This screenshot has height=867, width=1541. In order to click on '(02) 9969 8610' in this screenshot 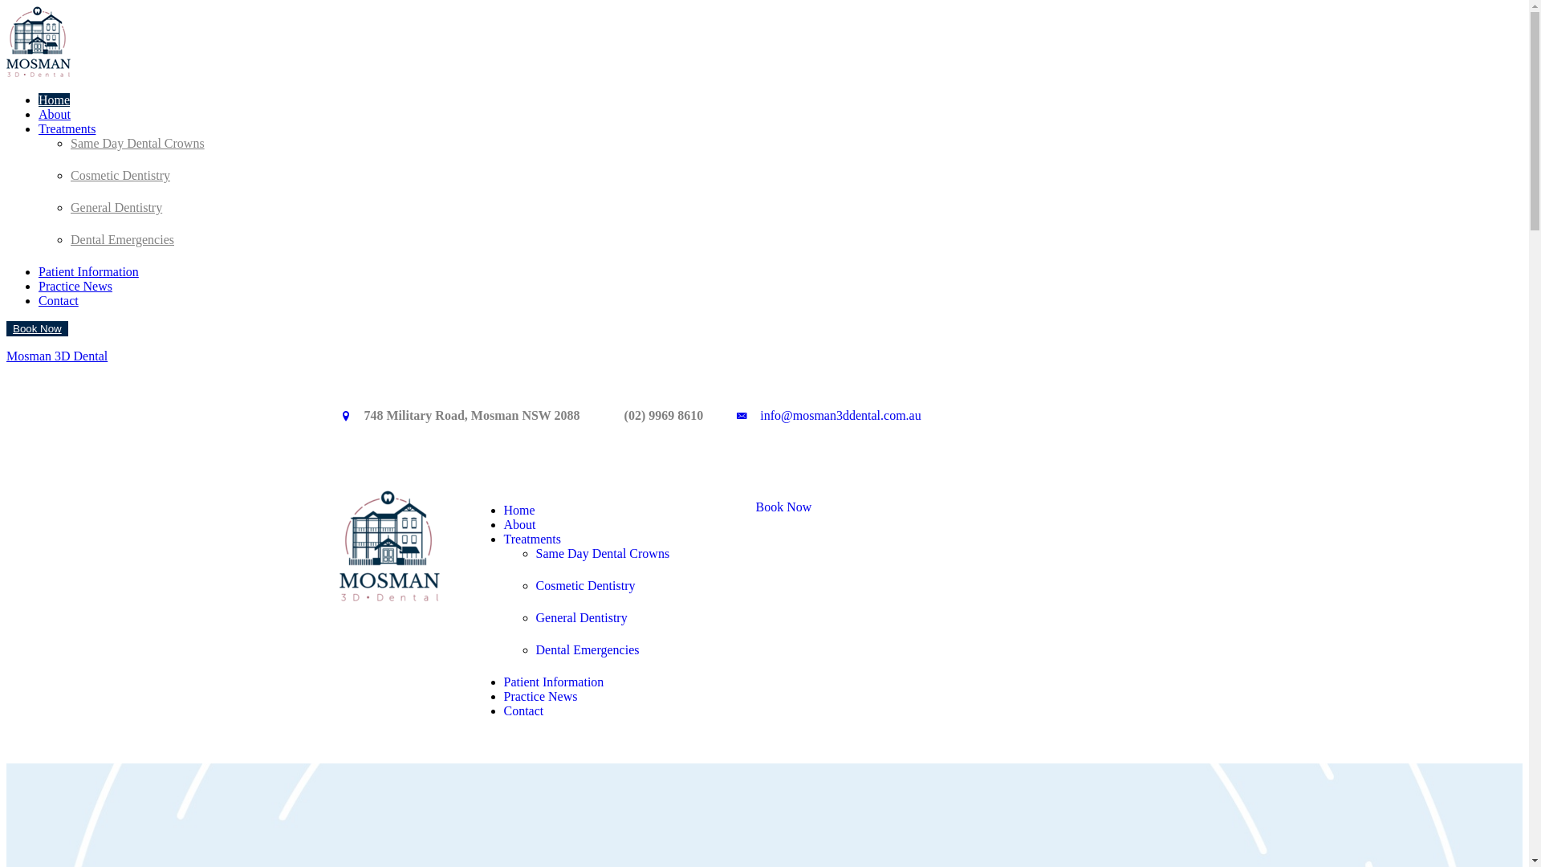, I will do `click(664, 414)`.